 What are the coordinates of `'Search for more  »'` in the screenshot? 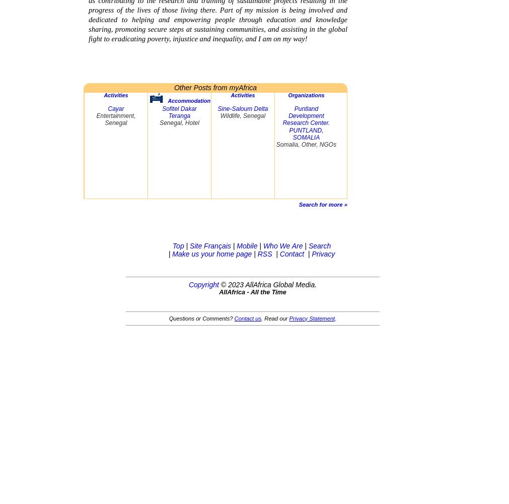 It's located at (323, 204).